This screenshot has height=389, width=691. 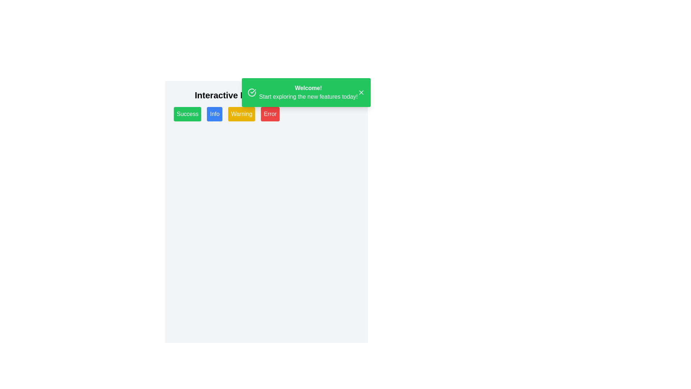 What do you see at coordinates (252, 92) in the screenshot?
I see `the checkmark icon inside a circle, which is outlined in white and set against a vibrant green background, for possible interactions` at bounding box center [252, 92].